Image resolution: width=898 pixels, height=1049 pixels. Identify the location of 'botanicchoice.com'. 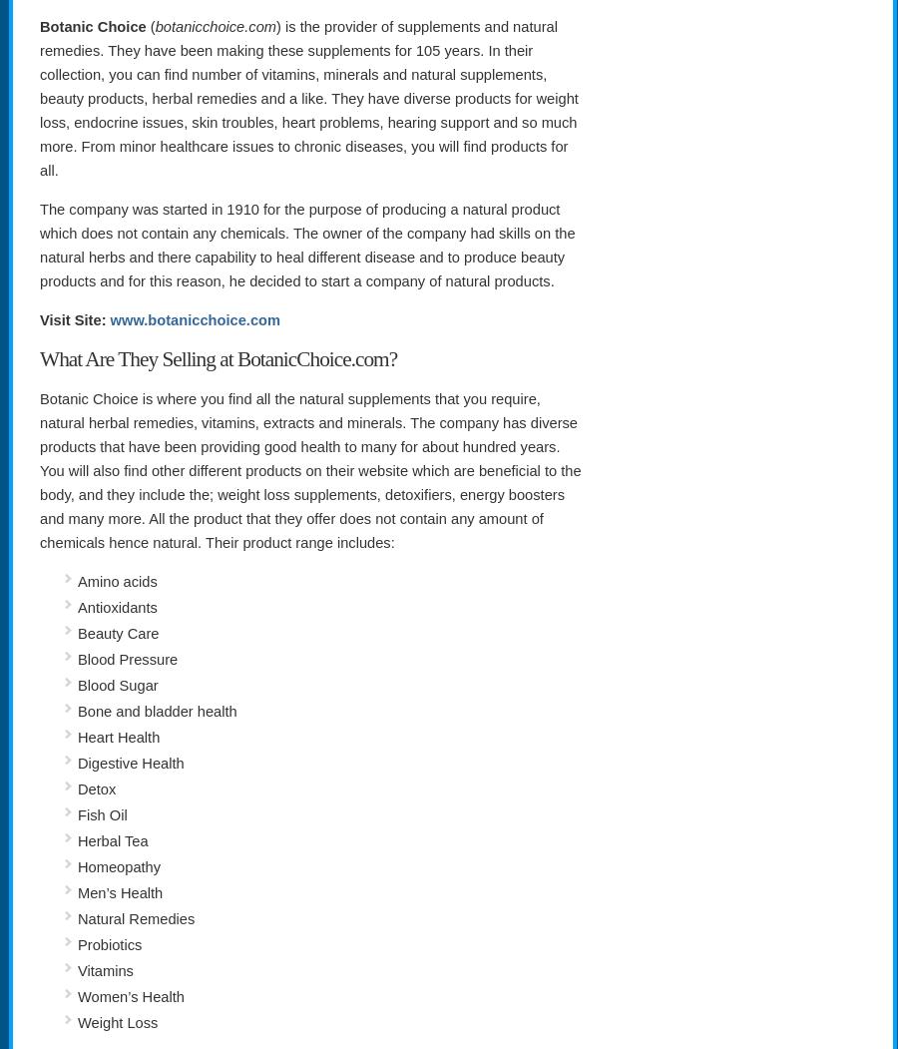
(216, 25).